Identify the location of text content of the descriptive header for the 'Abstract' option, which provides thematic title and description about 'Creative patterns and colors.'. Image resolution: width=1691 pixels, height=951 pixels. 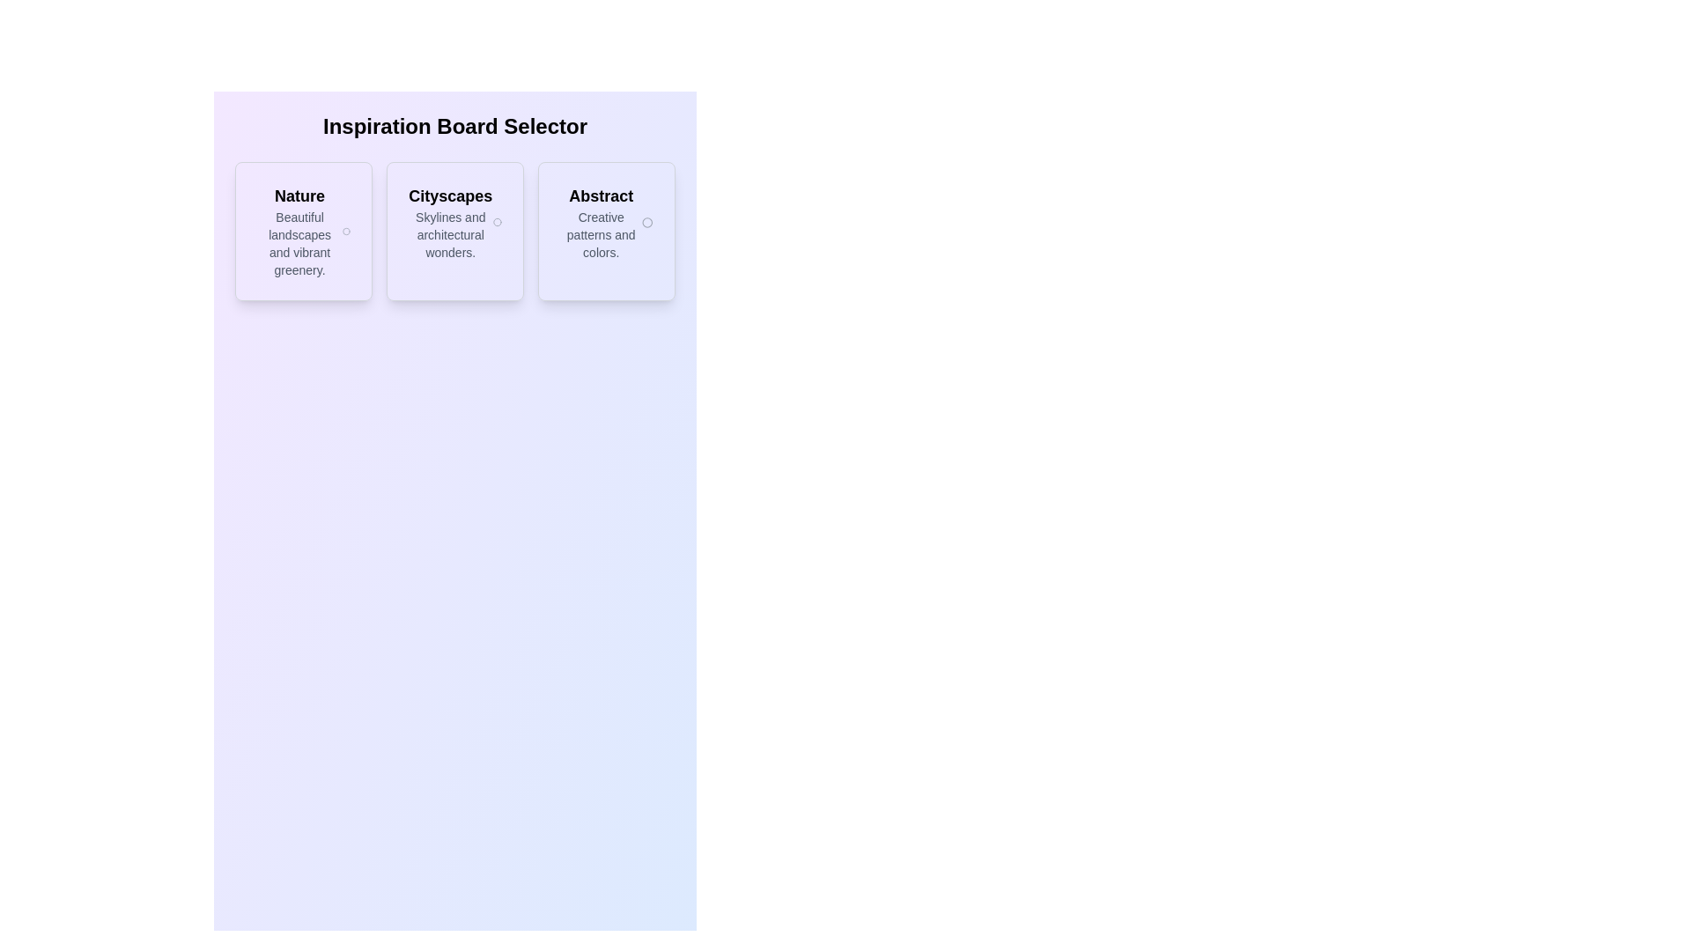
(607, 222).